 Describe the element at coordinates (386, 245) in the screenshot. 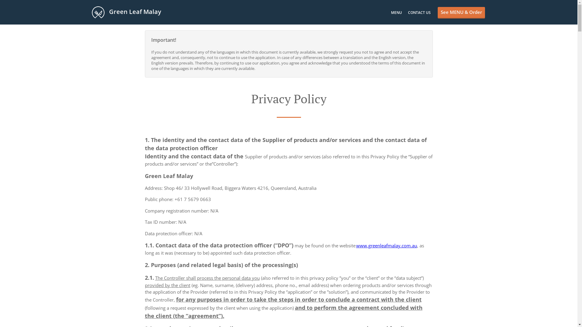

I see `'www.greenleafmalay.com.au'` at that location.